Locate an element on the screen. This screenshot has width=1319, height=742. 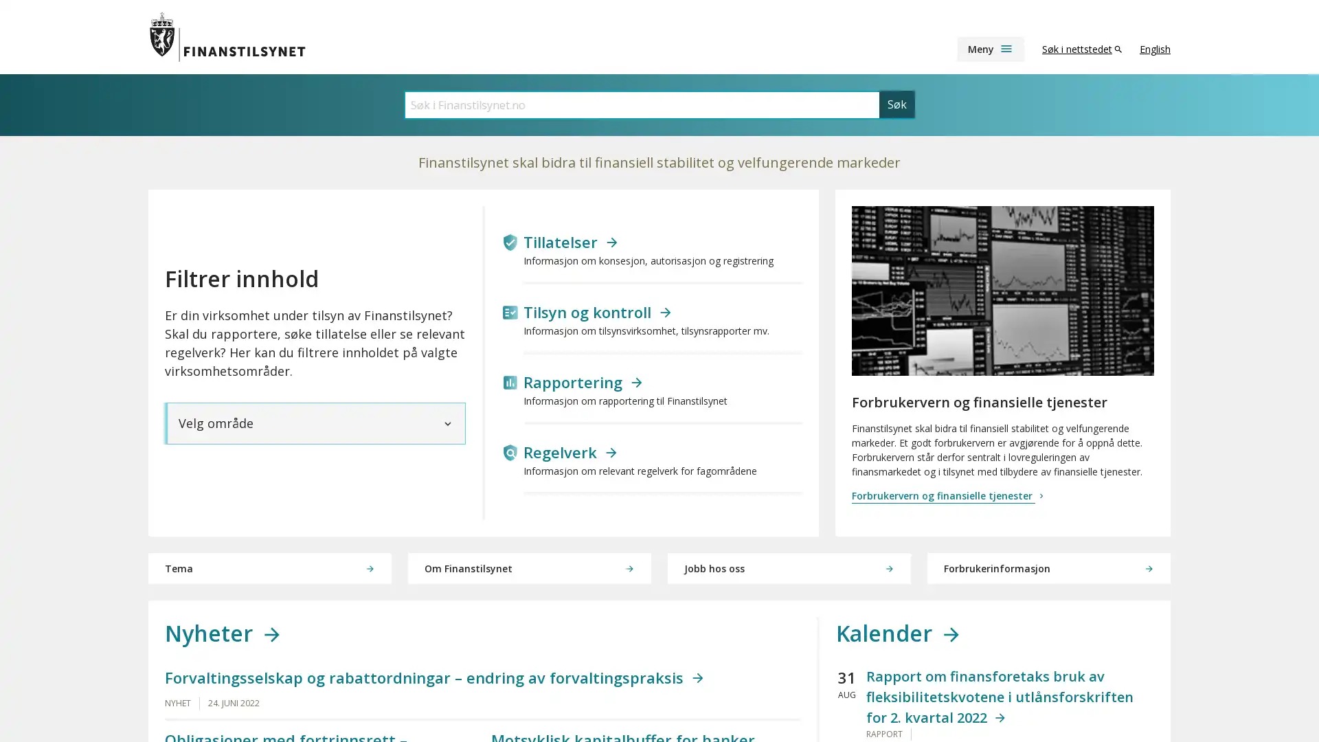
Meny menu is located at coordinates (990, 47).